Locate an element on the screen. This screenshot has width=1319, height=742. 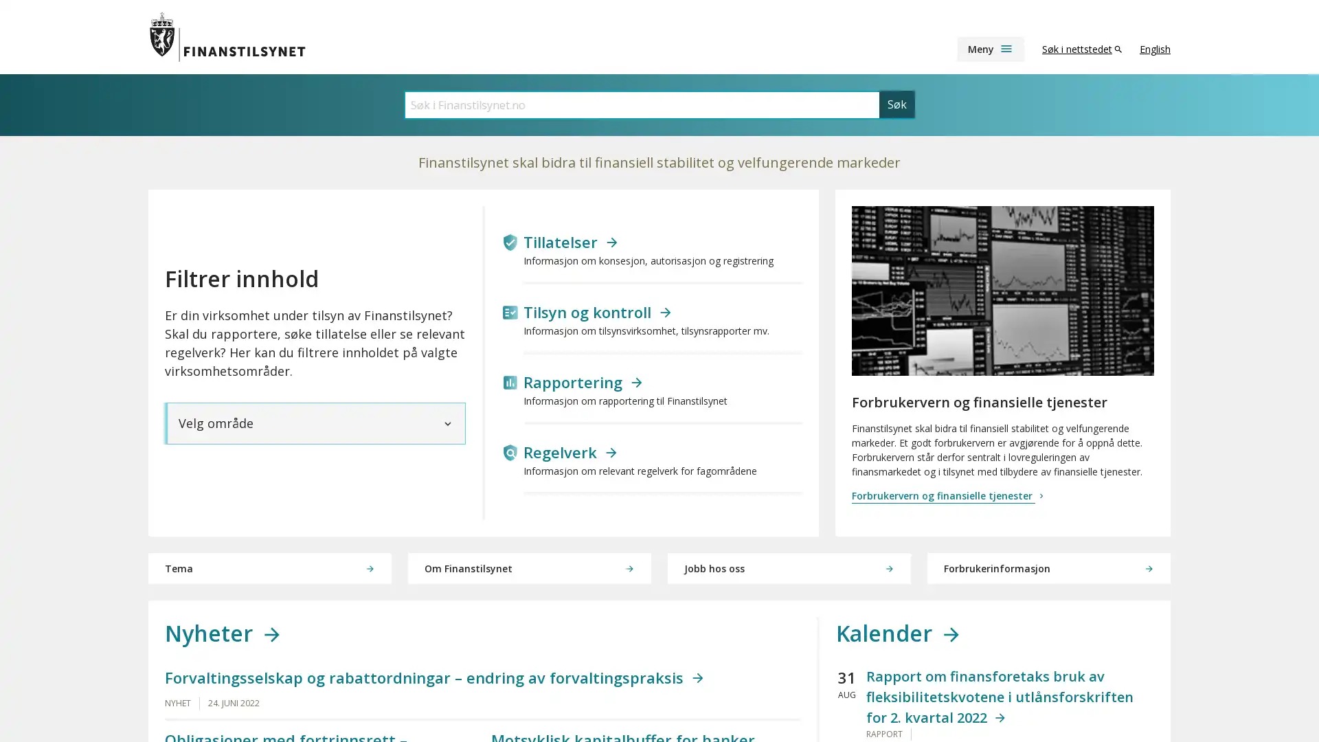
Meny menu is located at coordinates (990, 47).